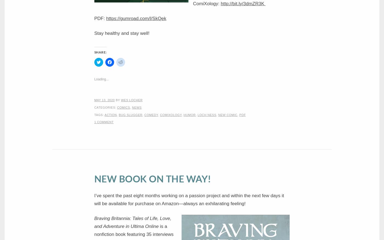 This screenshot has height=240, width=384. Describe the element at coordinates (152, 178) in the screenshot. I see `'New book on the way!'` at that location.